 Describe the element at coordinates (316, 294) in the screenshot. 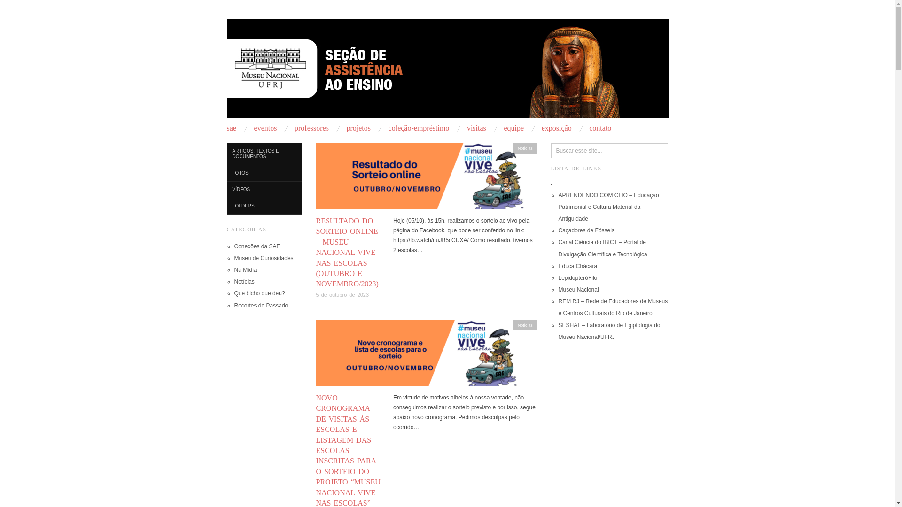

I see `'5 de outubro de 2023'` at that location.